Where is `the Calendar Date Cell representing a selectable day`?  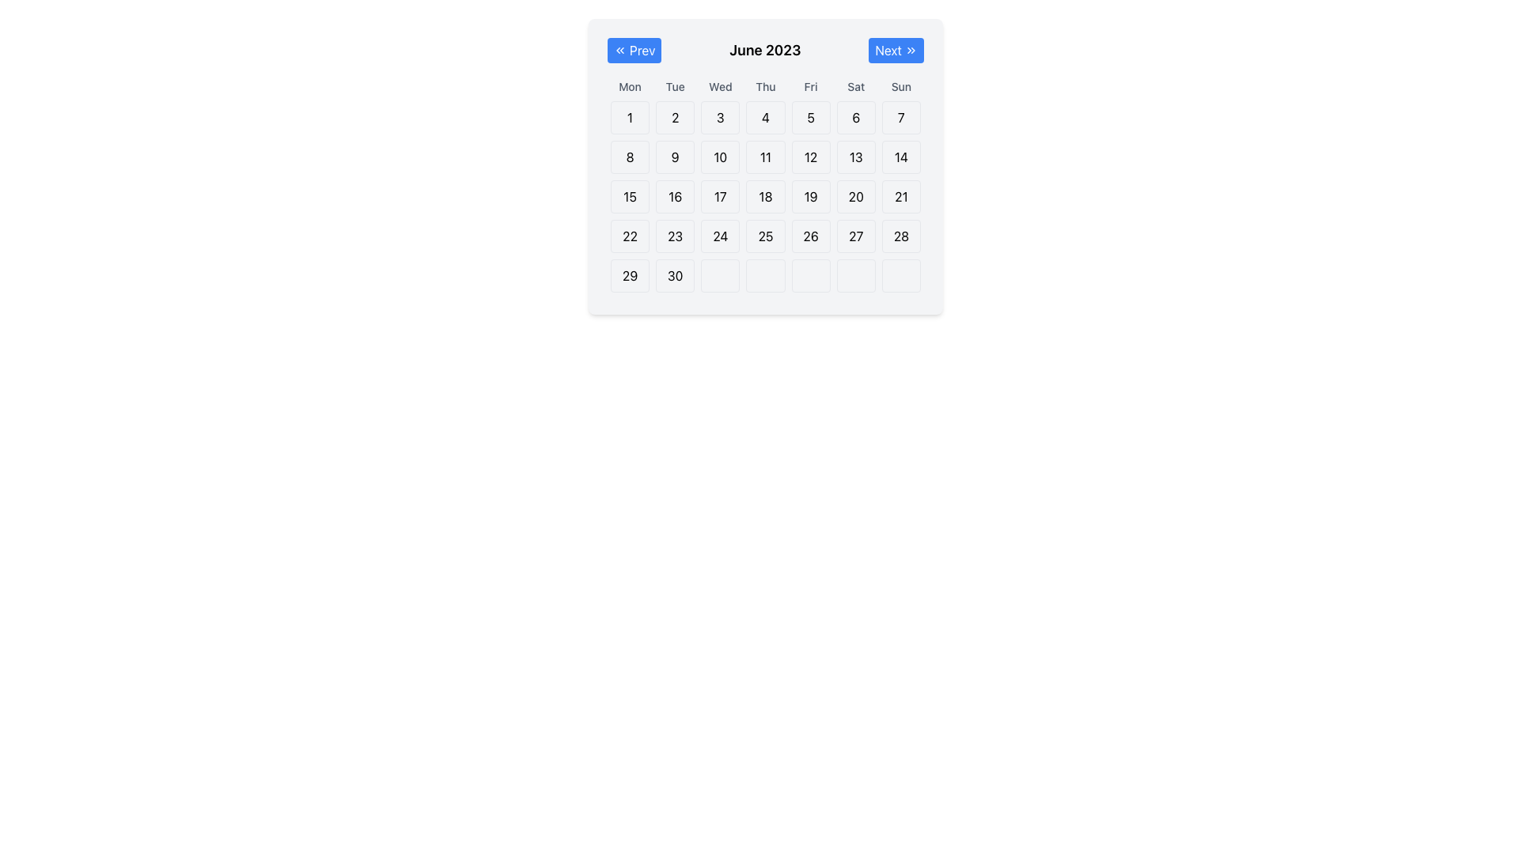
the Calendar Date Cell representing a selectable day is located at coordinates (719, 236).